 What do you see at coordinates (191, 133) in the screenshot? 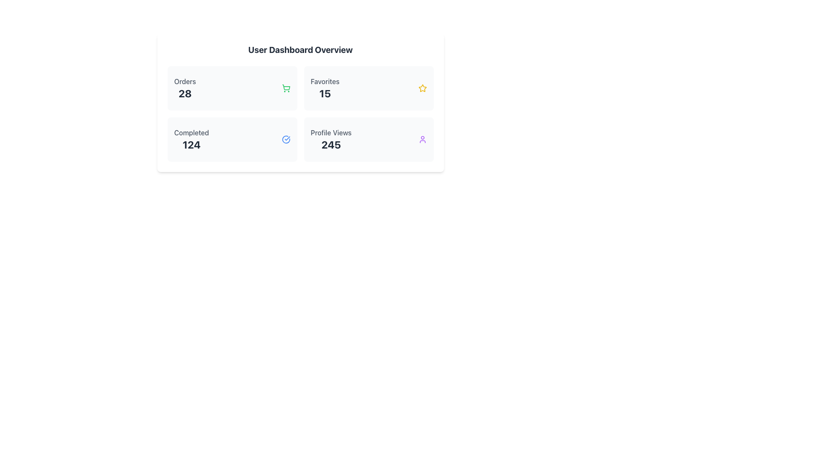
I see `the text label displaying 'Completed' in gray color, located in the second row of the dashboard overview panel` at bounding box center [191, 133].